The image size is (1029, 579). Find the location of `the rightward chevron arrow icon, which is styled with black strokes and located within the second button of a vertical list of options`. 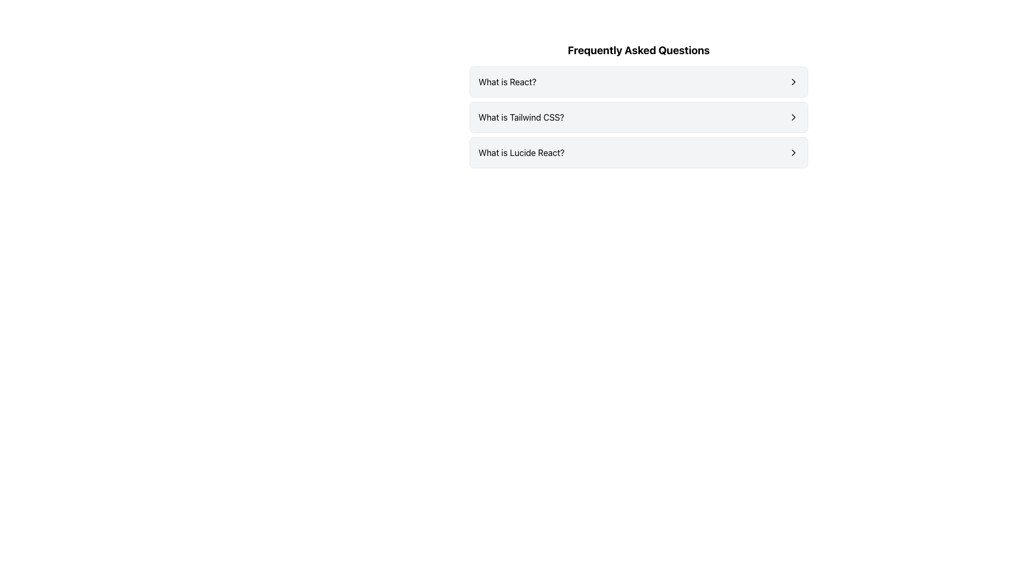

the rightward chevron arrow icon, which is styled with black strokes and located within the second button of a vertical list of options is located at coordinates (794, 117).